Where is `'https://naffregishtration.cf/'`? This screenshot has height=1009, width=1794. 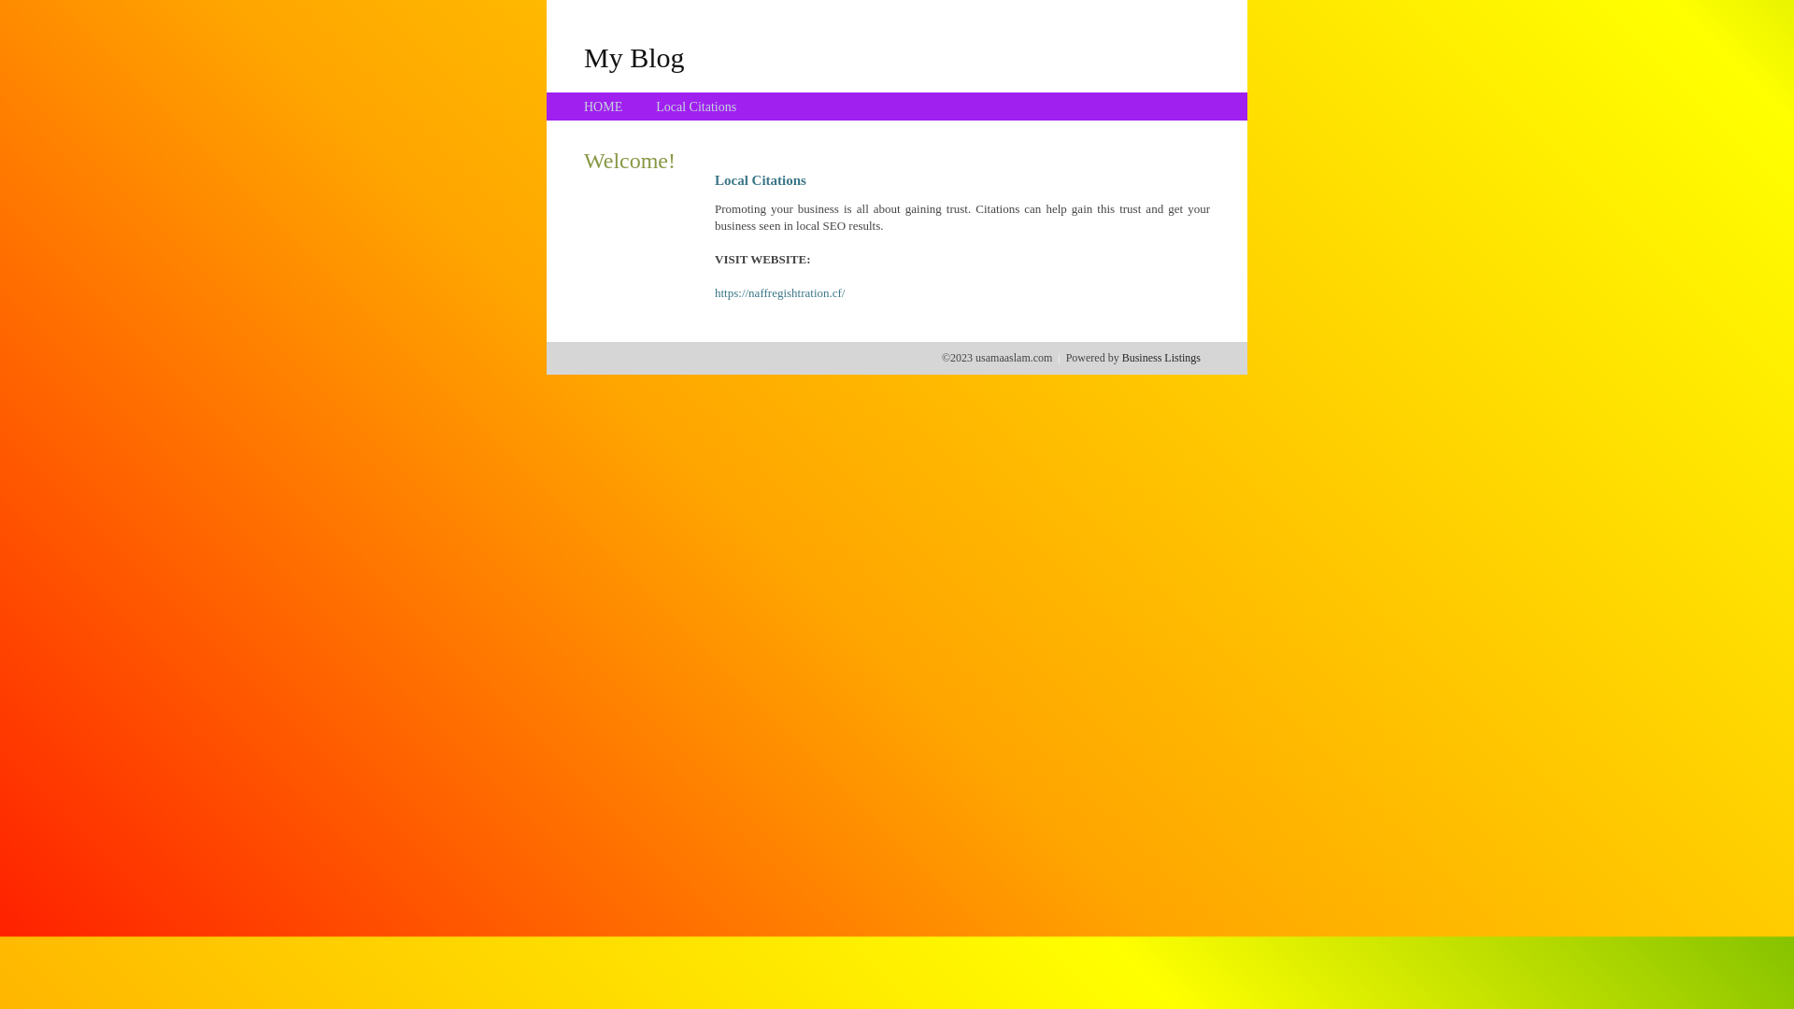
'https://naffregishtration.cf/' is located at coordinates (779, 292).